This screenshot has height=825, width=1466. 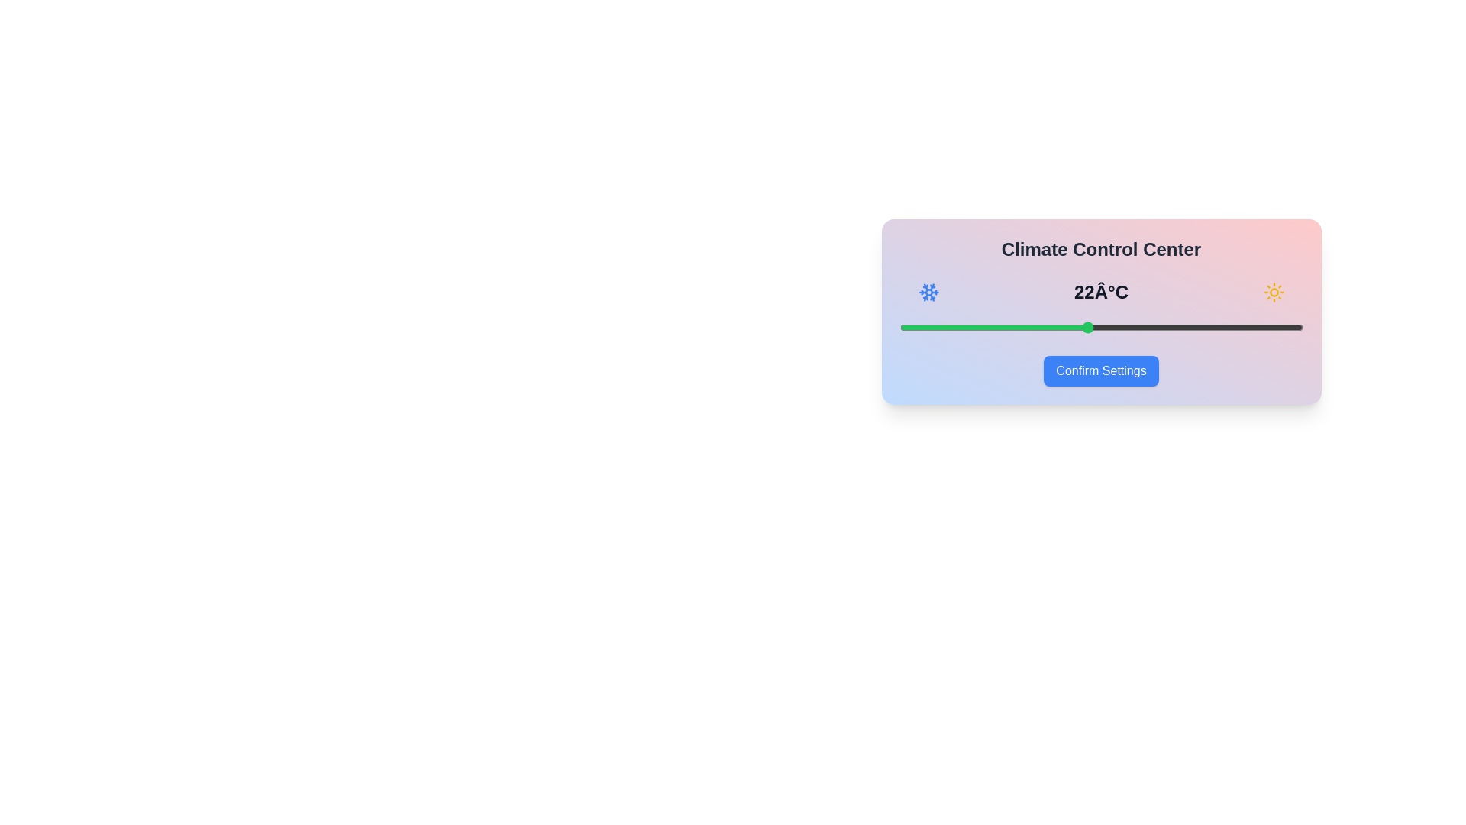 What do you see at coordinates (1100, 371) in the screenshot?
I see `the 'Confirm Settings' button to confirm the current settings` at bounding box center [1100, 371].